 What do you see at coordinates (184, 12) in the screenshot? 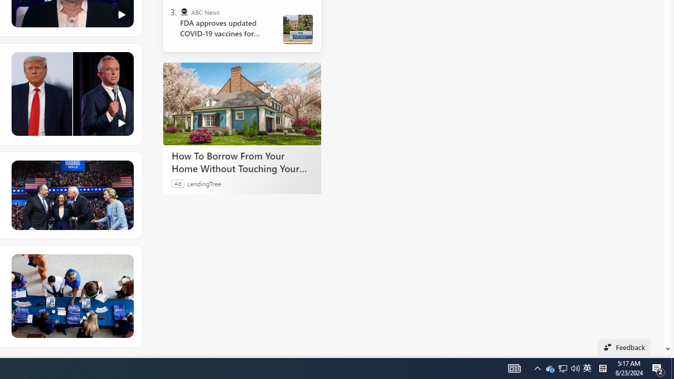
I see `'ABC News'` at bounding box center [184, 12].